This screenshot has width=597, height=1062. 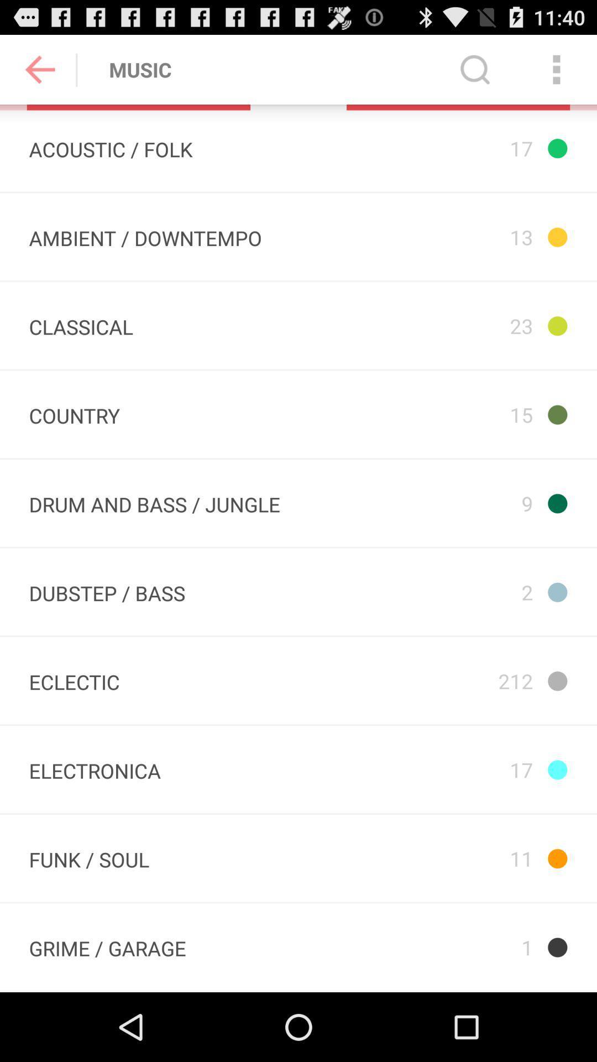 What do you see at coordinates (470, 236) in the screenshot?
I see `icon to the right of the ambient / downtempo item` at bounding box center [470, 236].